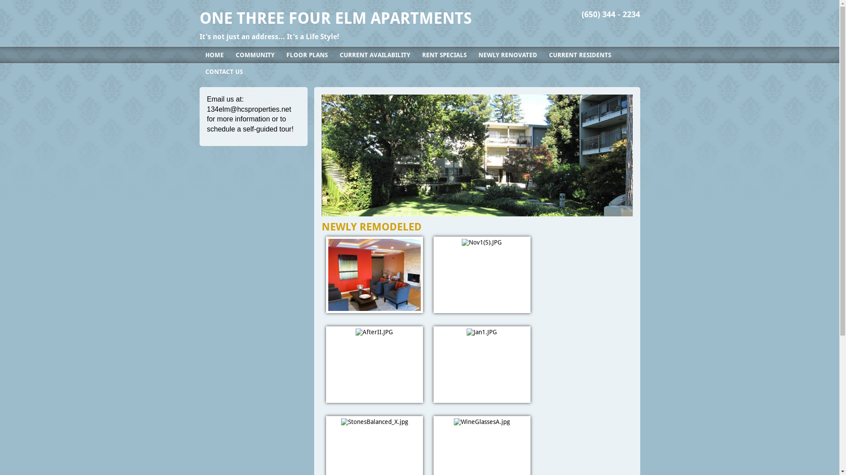  I want to click on 'RENT SPECIALS', so click(444, 55).